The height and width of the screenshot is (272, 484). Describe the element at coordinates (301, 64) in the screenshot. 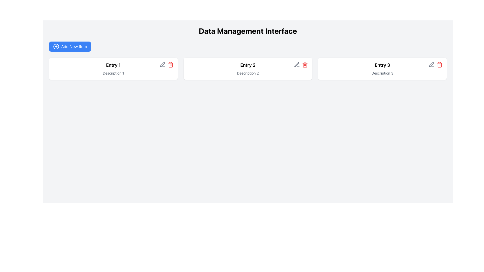

I see `the trash bin icon located at the top-right corner of the card labeled 'Entry 2' for deleting` at that location.